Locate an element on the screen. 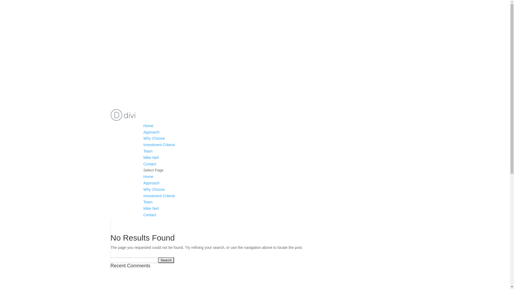 This screenshot has height=289, width=514. 'Investment Criteria' is located at coordinates (159, 196).